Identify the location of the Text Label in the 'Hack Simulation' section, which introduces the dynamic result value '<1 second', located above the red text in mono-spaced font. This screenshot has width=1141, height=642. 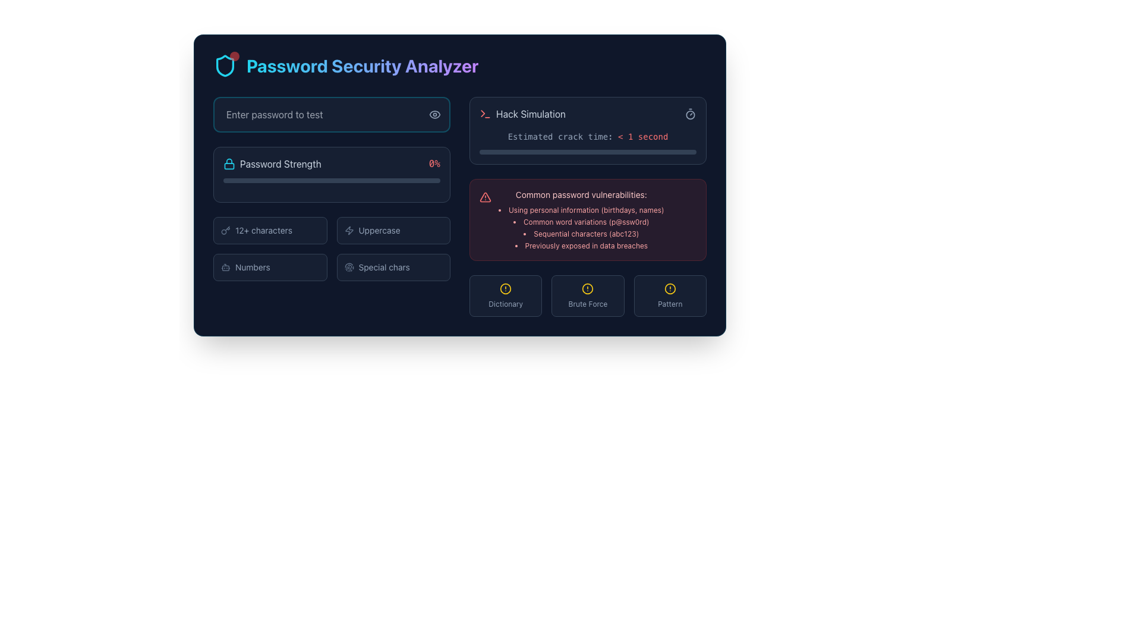
(562, 136).